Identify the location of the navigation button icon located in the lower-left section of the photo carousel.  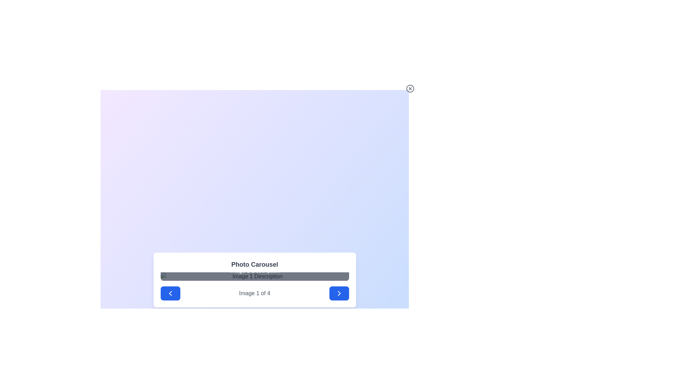
(170, 293).